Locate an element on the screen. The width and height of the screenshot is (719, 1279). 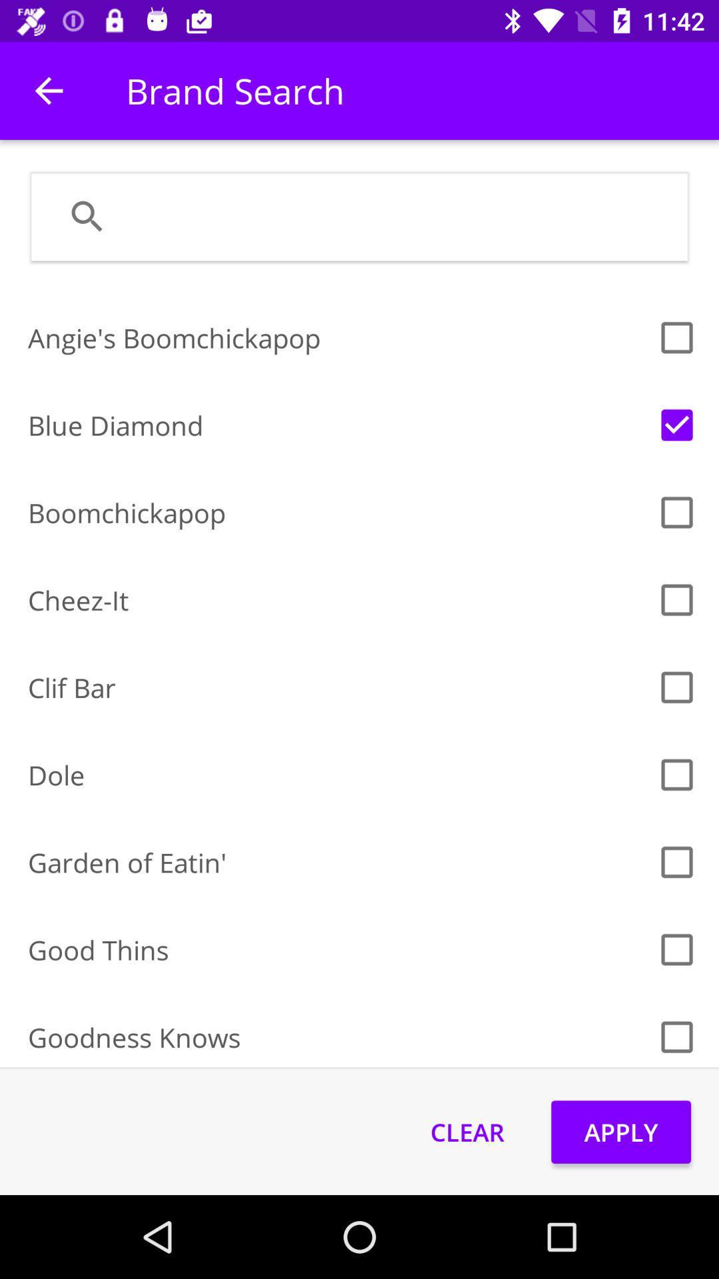
the item below brand search is located at coordinates (393, 216).